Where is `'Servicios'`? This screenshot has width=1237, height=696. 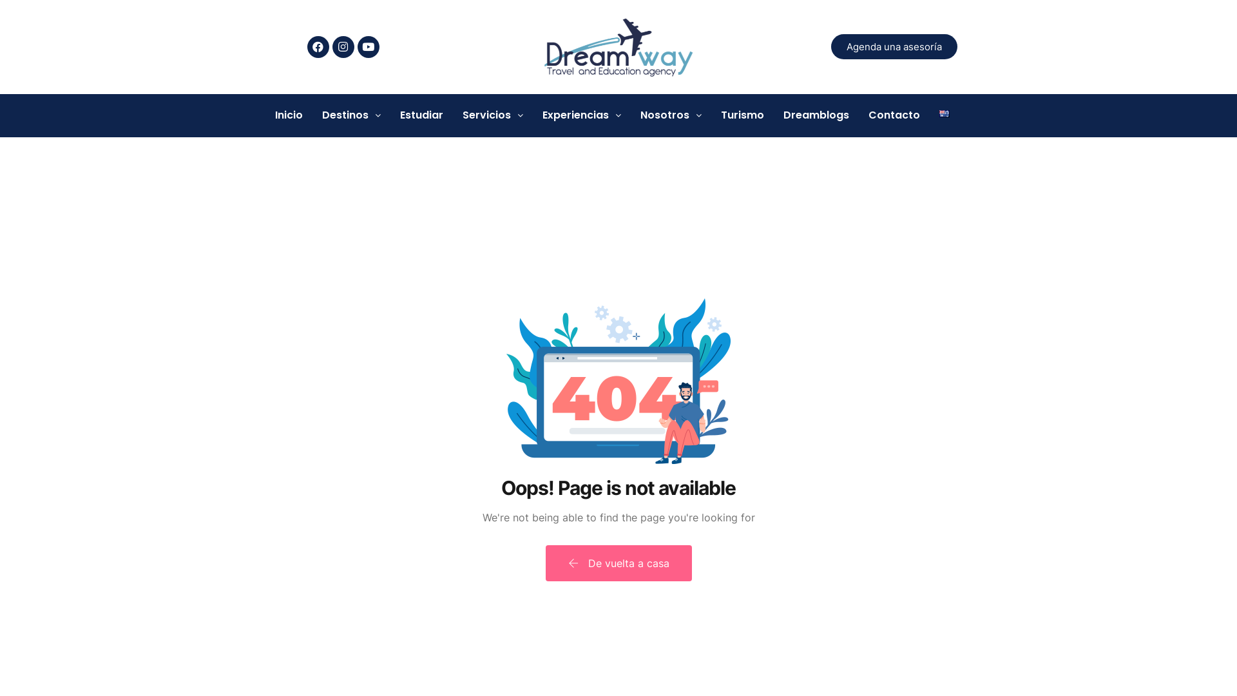 'Servicios' is located at coordinates (492, 114).